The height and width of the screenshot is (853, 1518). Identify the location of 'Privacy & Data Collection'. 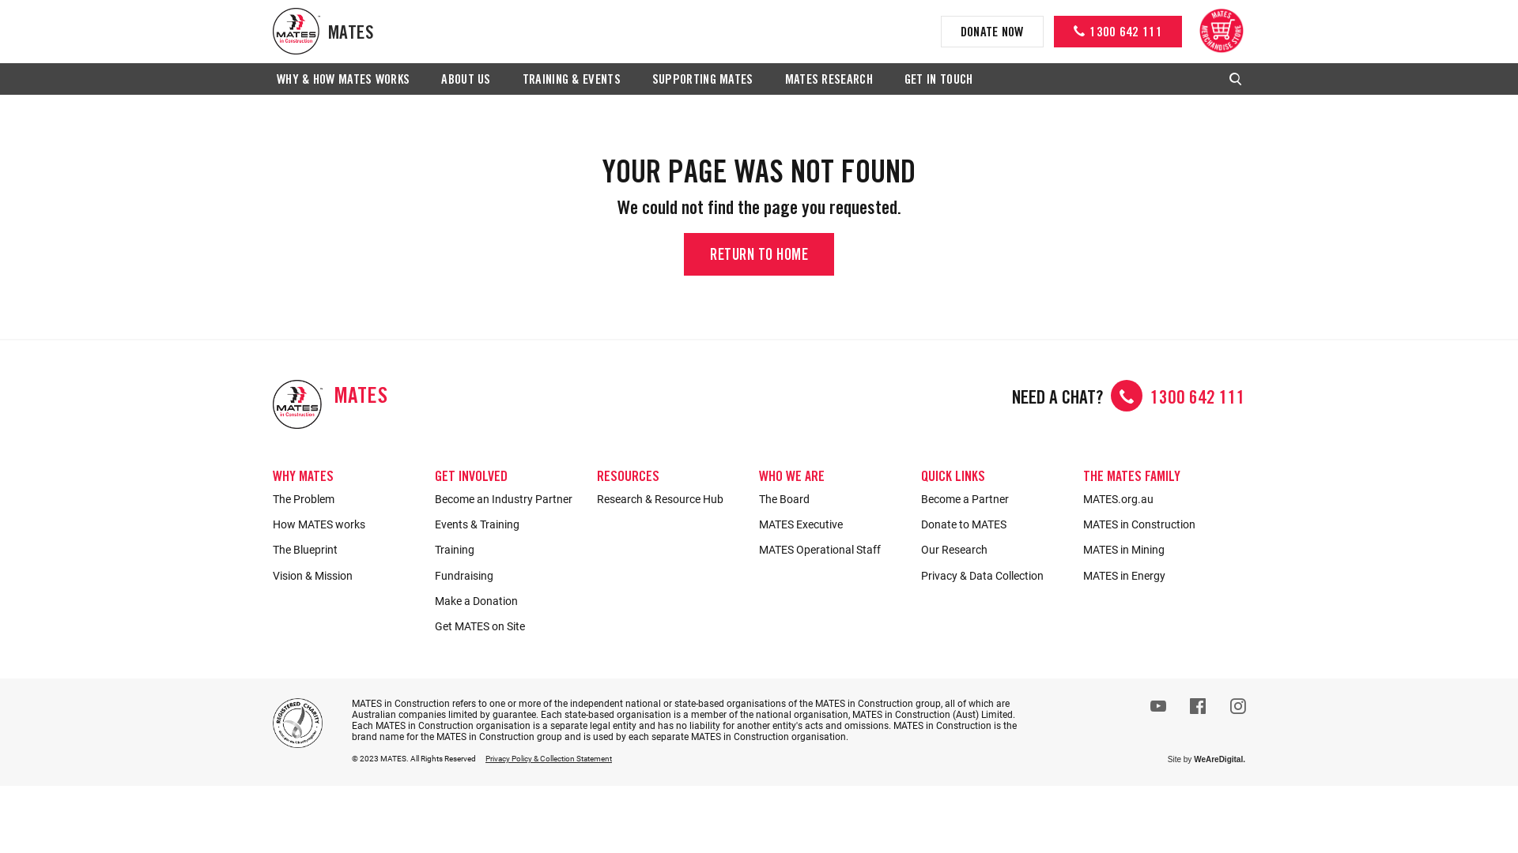
(993, 576).